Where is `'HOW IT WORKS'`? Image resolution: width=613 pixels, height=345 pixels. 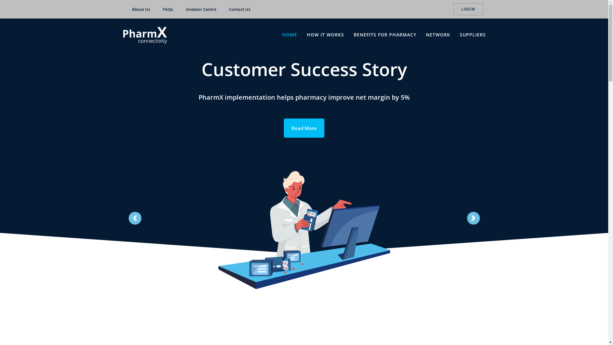
'HOW IT WORKS' is located at coordinates (325, 34).